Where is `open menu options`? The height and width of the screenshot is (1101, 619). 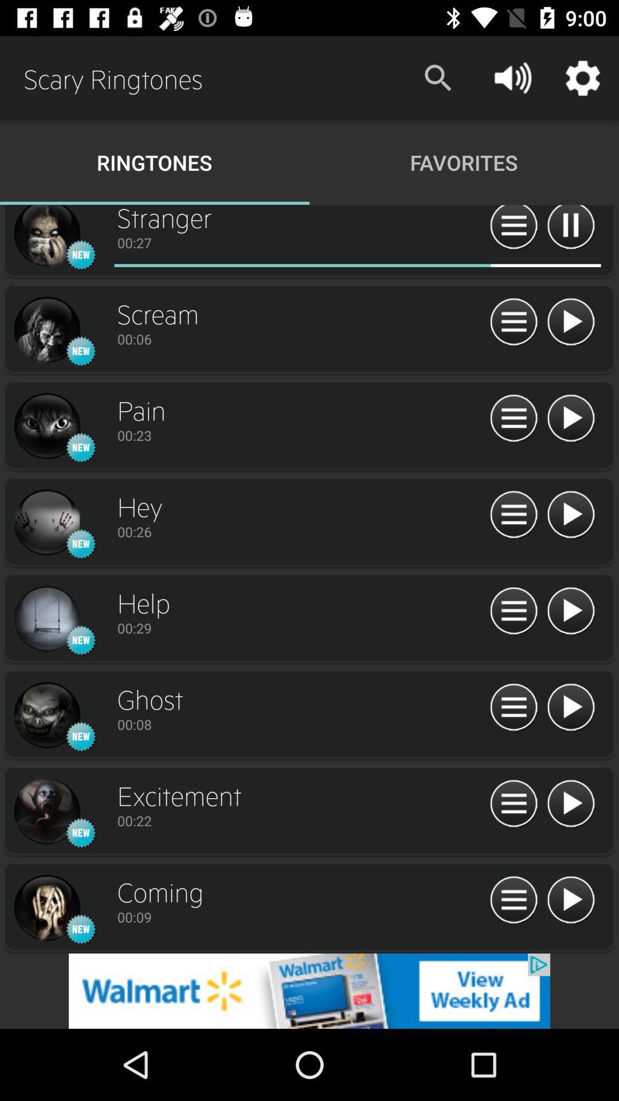
open menu options is located at coordinates (513, 418).